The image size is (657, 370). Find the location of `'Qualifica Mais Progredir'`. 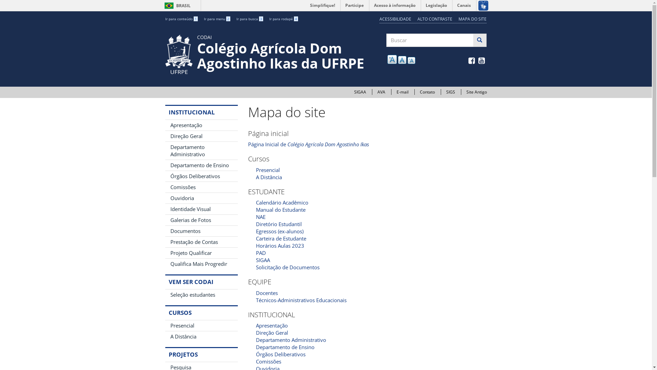

'Qualifica Mais Progredir' is located at coordinates (201, 263).